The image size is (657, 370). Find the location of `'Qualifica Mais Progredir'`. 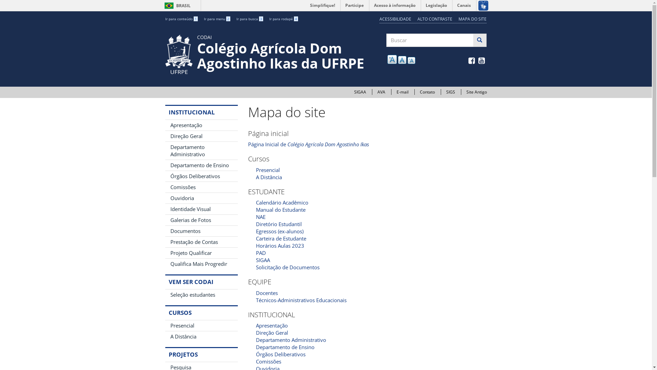

'Qualifica Mais Progredir' is located at coordinates (201, 263).